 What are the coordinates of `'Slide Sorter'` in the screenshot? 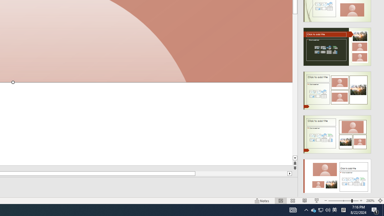 It's located at (293, 201).